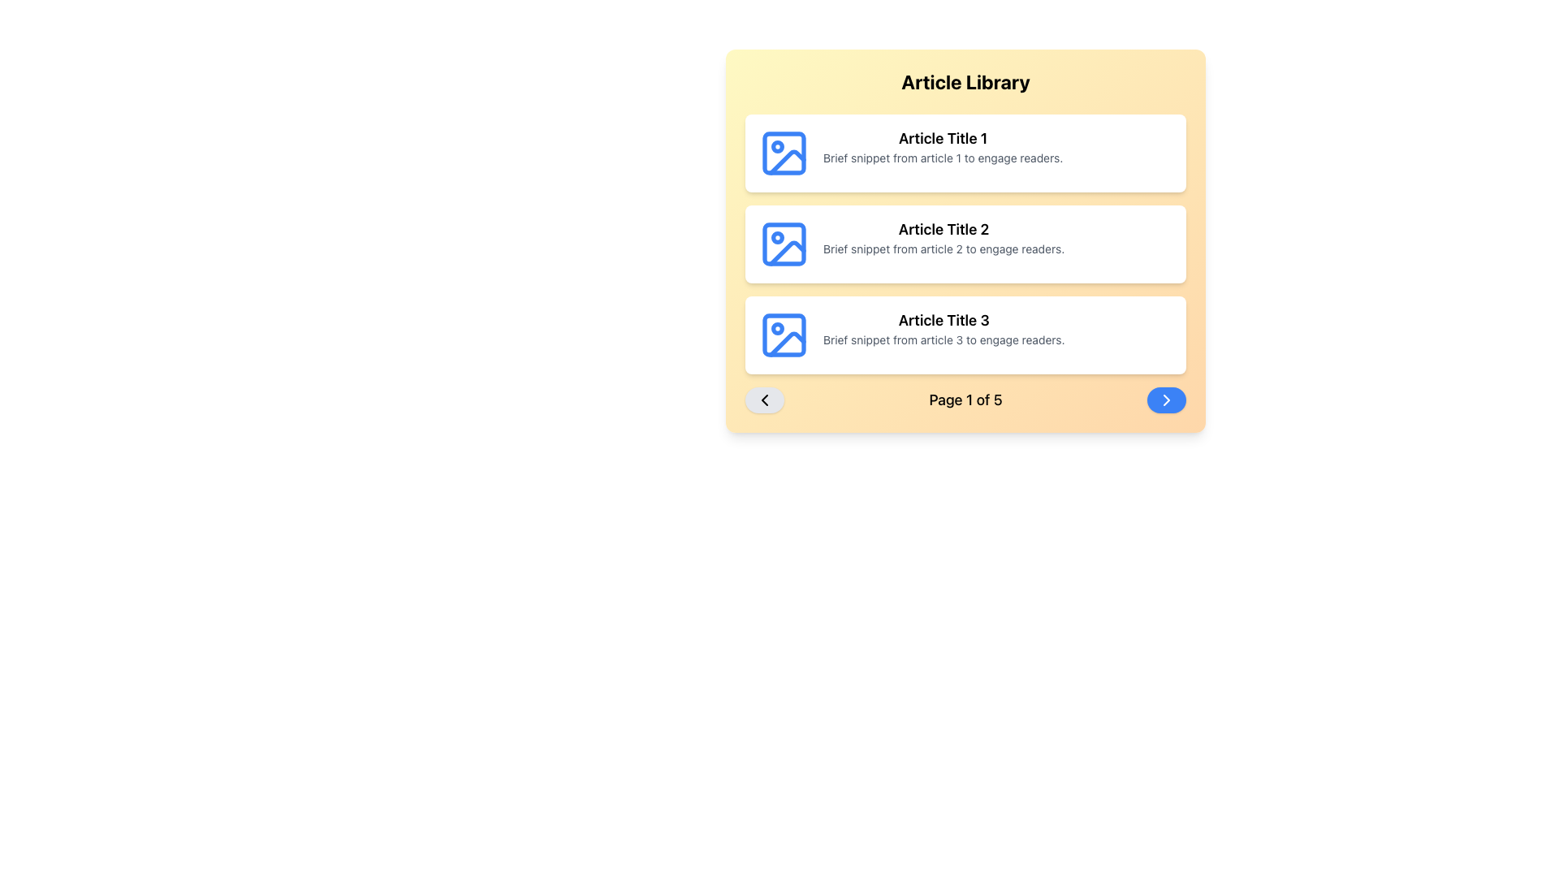  Describe the element at coordinates (784, 244) in the screenshot. I see `the small rounded rectangle in the icon for 'Article Title 2', which is centrally positioned within the blue image placeholder icon` at that location.